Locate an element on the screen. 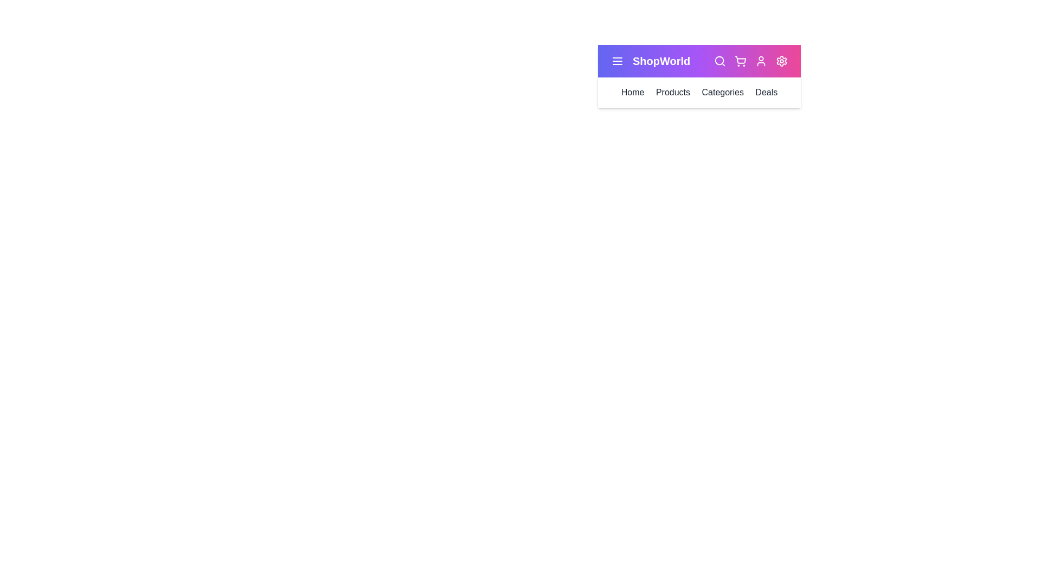  the navigation menu item Deals to navigate to the respective section is located at coordinates (766, 92).